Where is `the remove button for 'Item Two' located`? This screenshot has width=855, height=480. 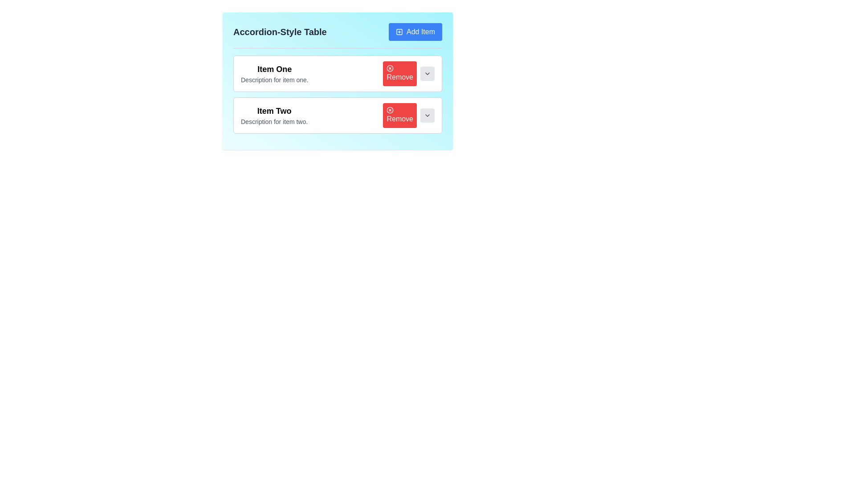
the remove button for 'Item Two' located is located at coordinates (408, 115).